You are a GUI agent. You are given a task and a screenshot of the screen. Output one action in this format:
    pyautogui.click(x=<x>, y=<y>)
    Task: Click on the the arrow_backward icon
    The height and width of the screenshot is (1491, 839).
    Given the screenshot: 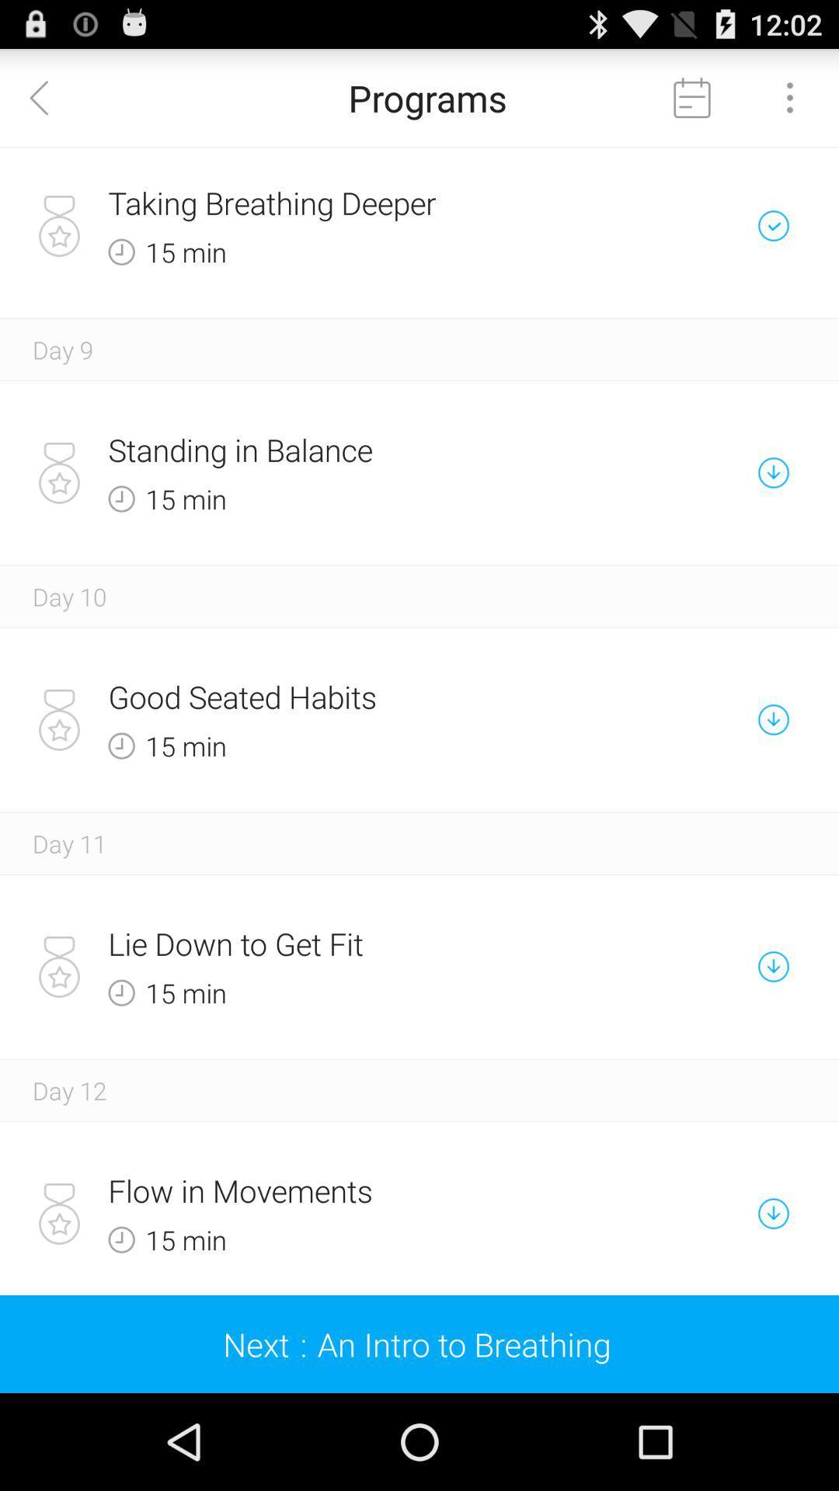 What is the action you would take?
    pyautogui.click(x=47, y=103)
    